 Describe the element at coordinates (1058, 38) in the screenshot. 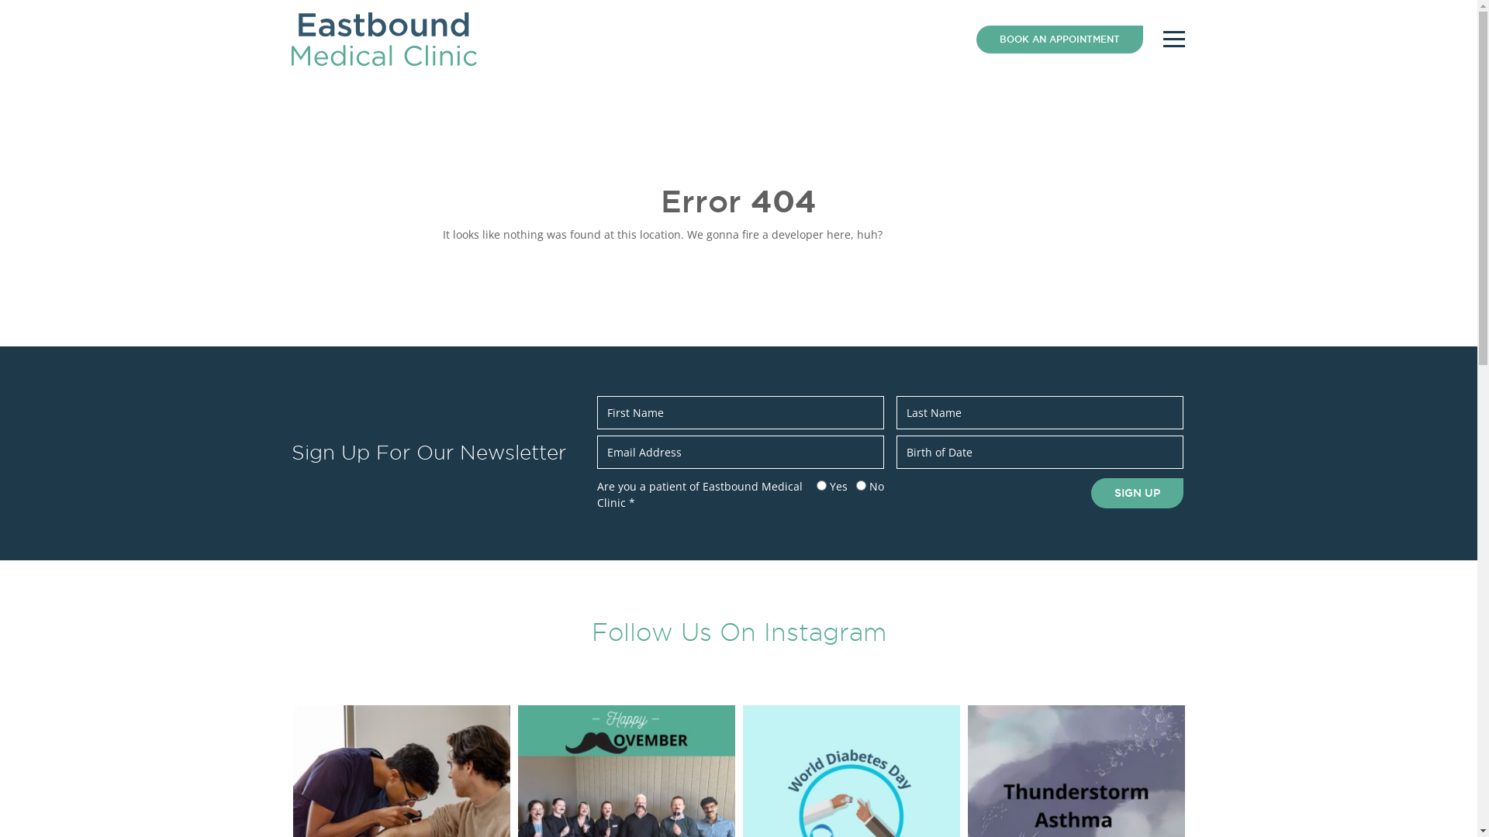

I see `'BOOK AN APPOINTMENT'` at that location.